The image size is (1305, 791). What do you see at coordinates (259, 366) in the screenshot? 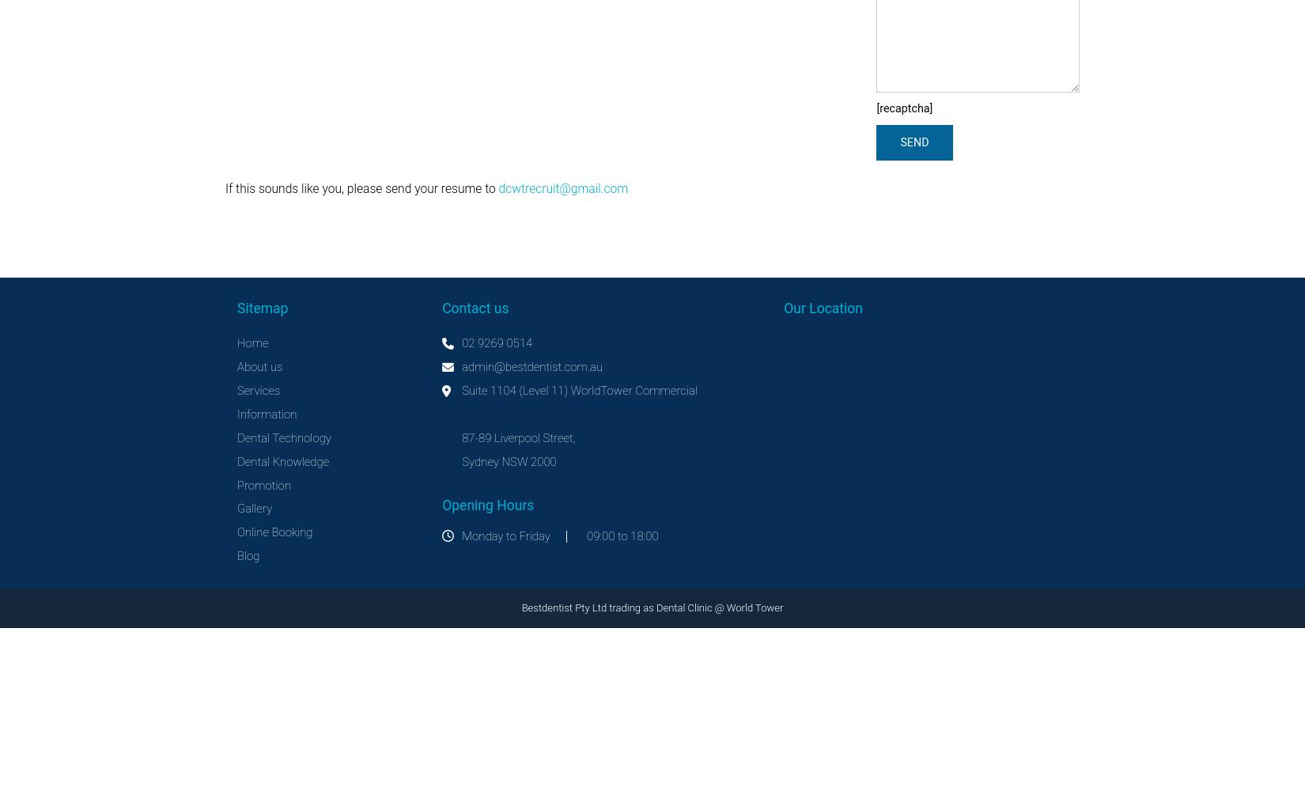
I see `'About us'` at bounding box center [259, 366].